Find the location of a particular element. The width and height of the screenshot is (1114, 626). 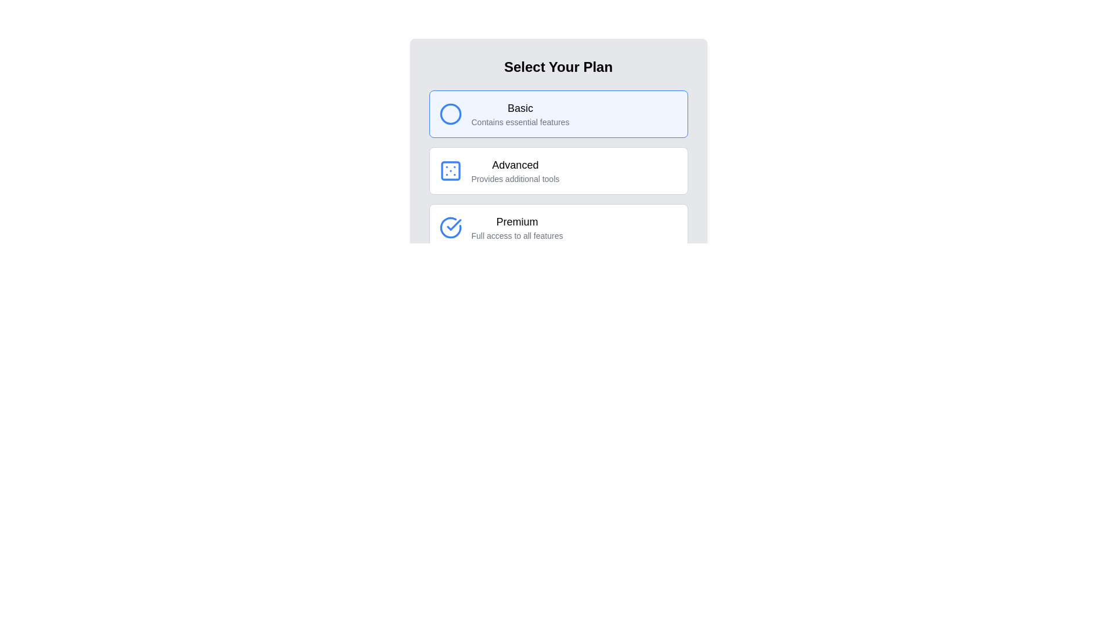

the 'Advanced' card-like selection item in the 'Select Your Plan' menu is located at coordinates (558, 170).